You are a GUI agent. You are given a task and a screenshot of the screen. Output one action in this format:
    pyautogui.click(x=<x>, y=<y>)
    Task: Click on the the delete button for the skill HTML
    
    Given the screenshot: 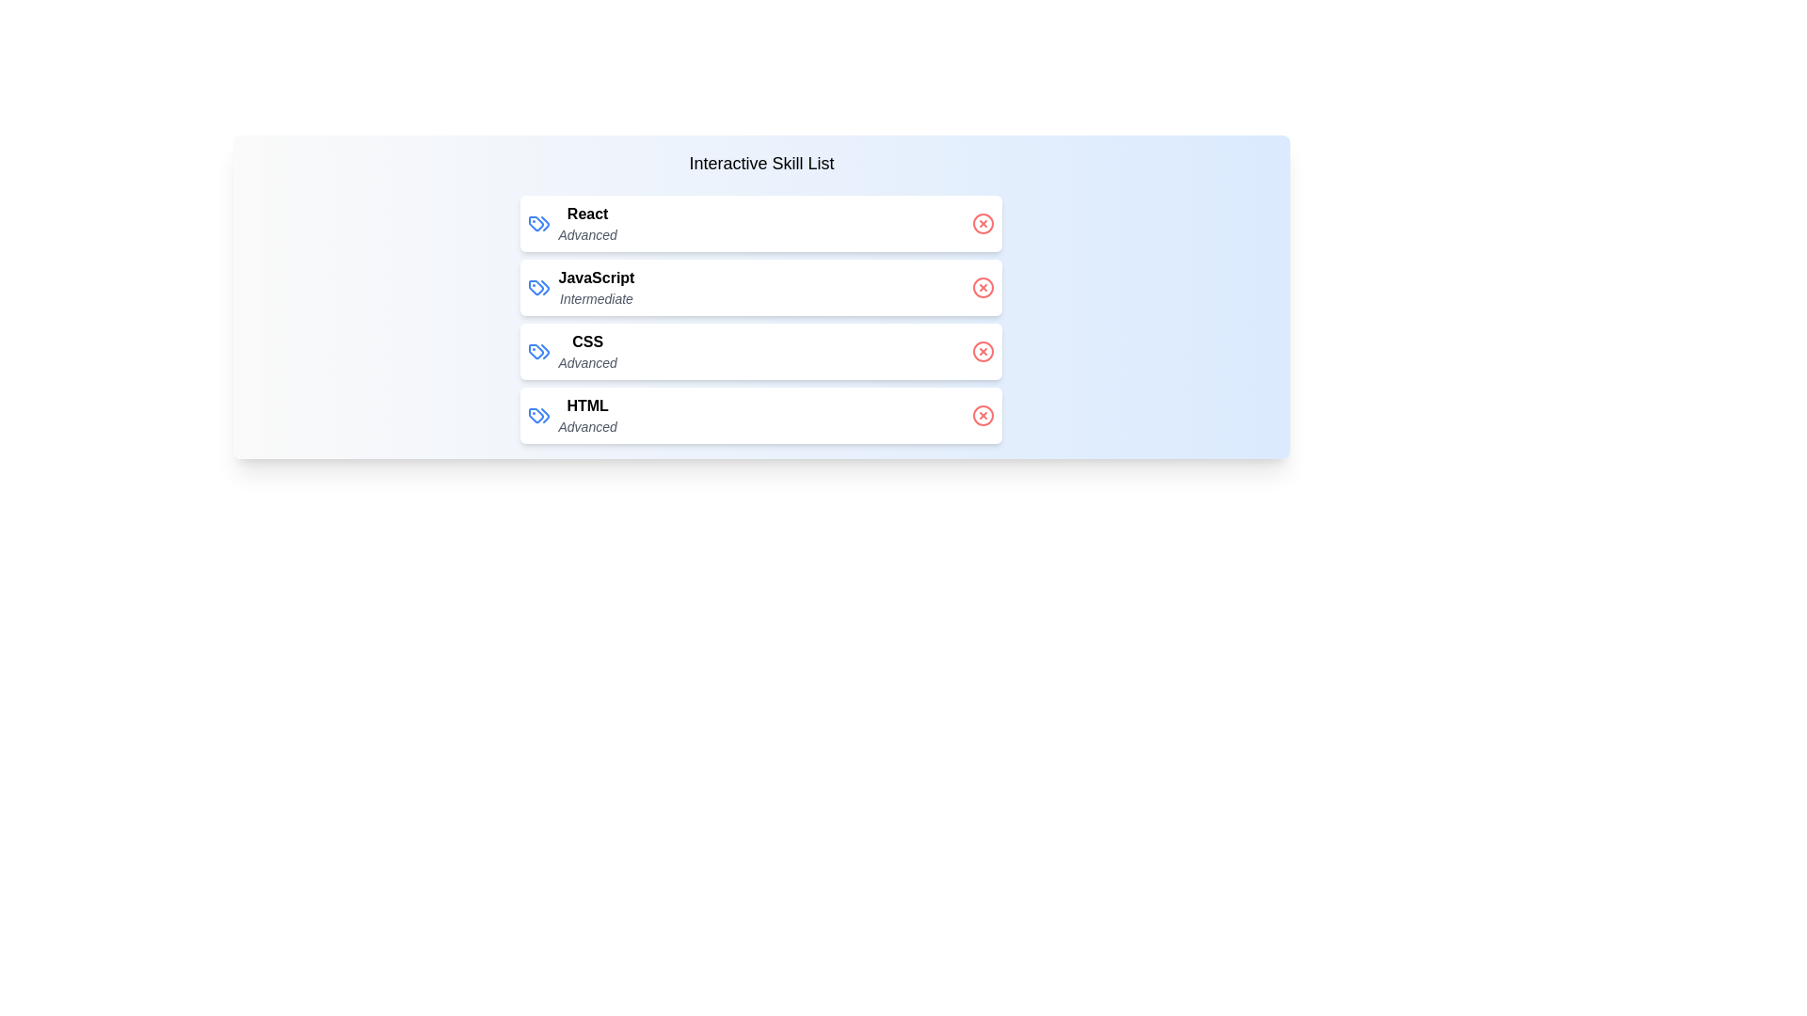 What is the action you would take?
    pyautogui.click(x=983, y=415)
    